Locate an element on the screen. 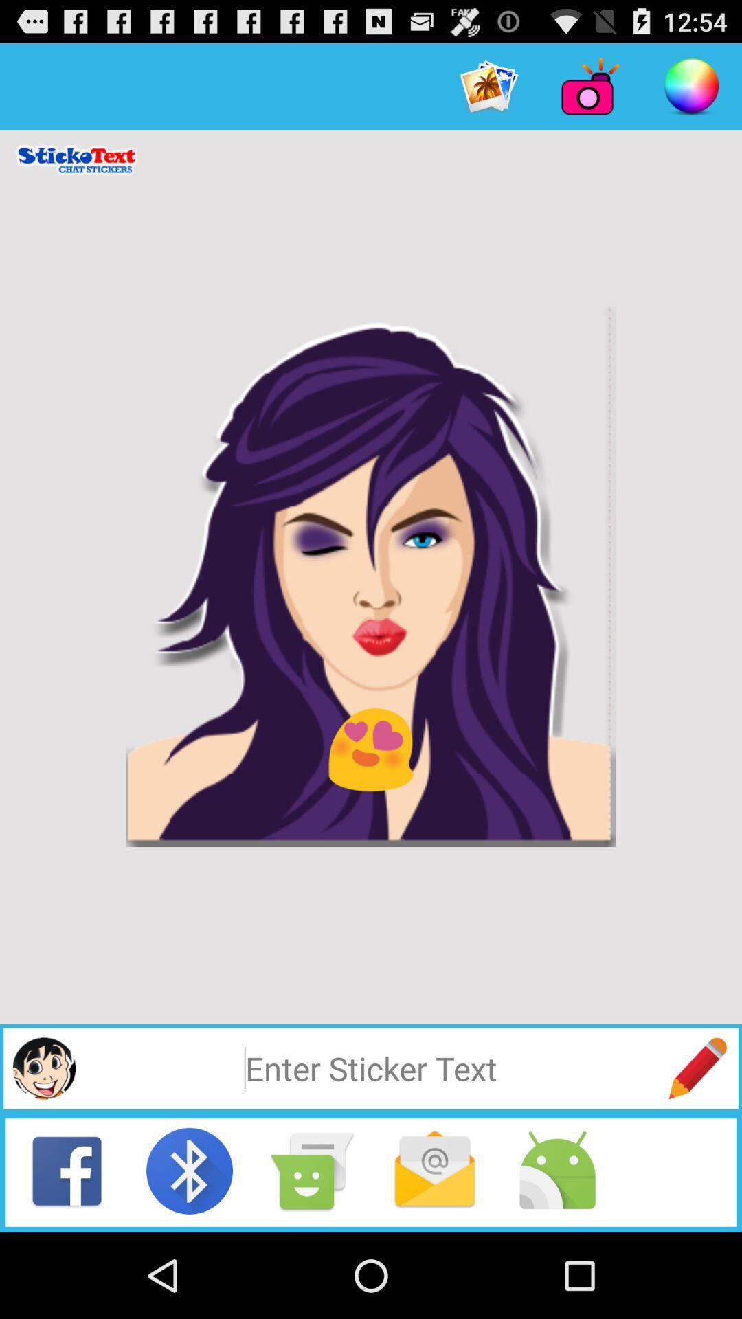 The image size is (742, 1319). the second option on the right side of the page is located at coordinates (589, 85).